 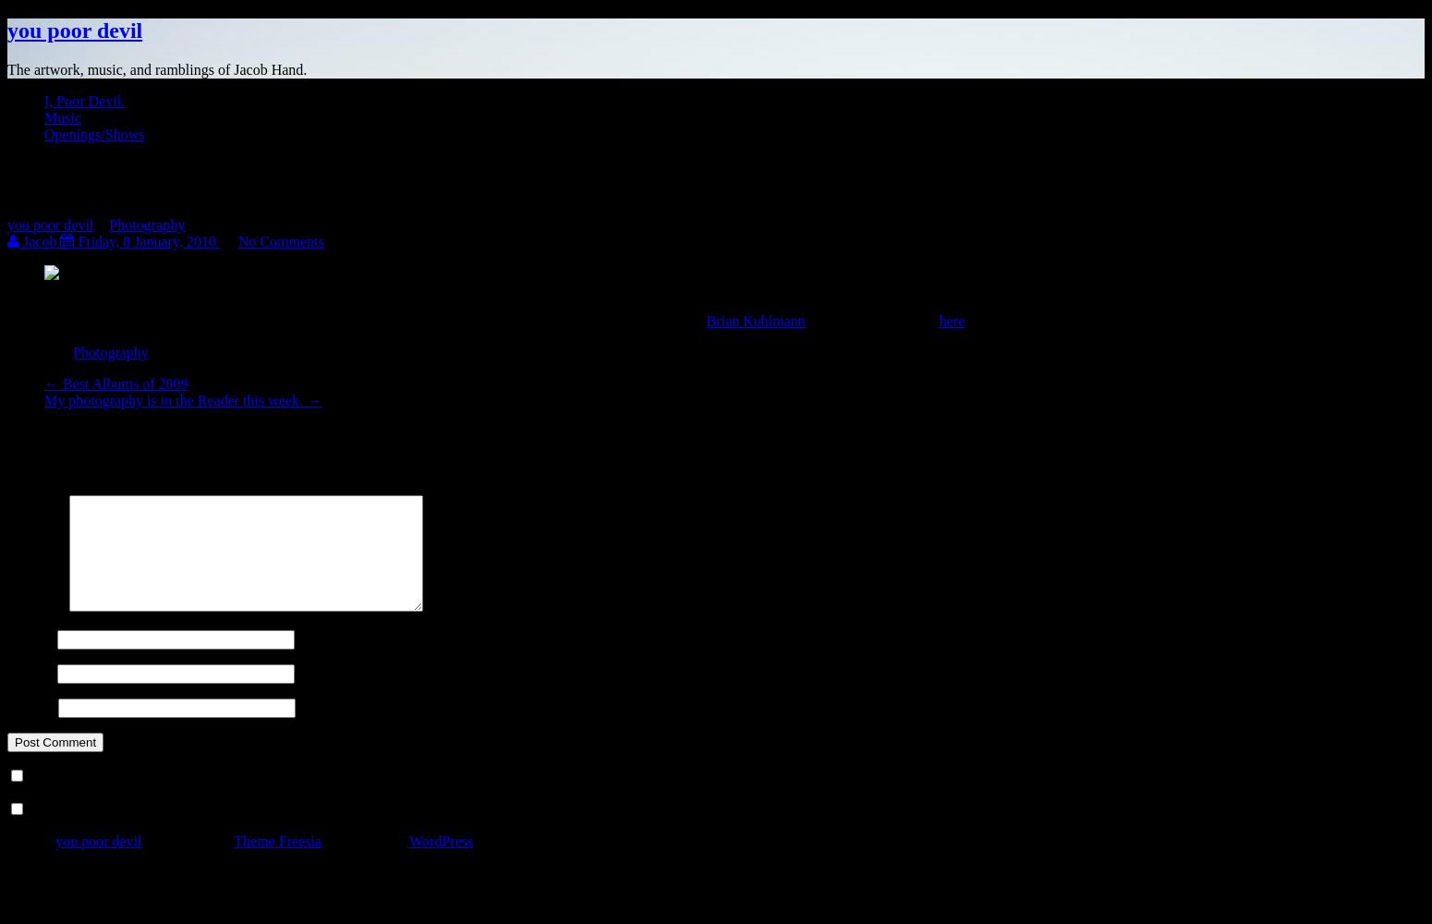 What do you see at coordinates (25, 638) in the screenshot?
I see `'Name'` at bounding box center [25, 638].